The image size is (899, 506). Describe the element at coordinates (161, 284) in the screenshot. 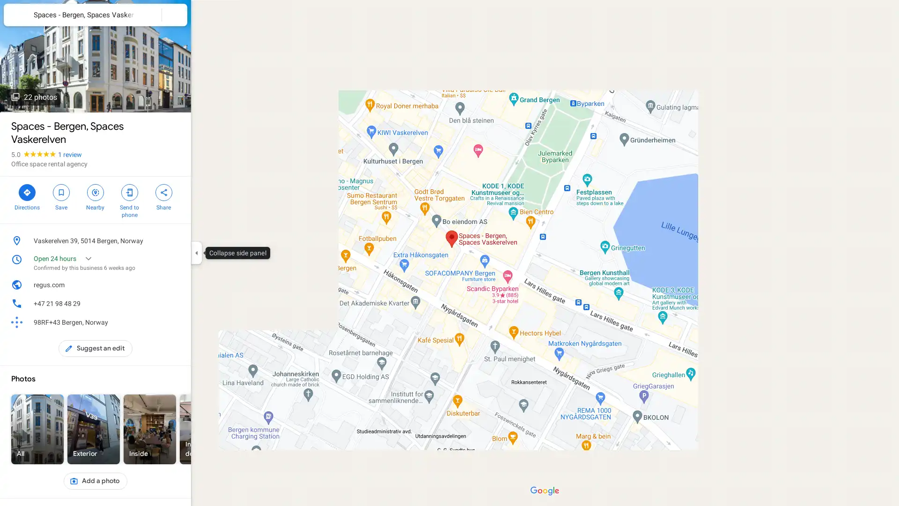

I see `Open website` at that location.